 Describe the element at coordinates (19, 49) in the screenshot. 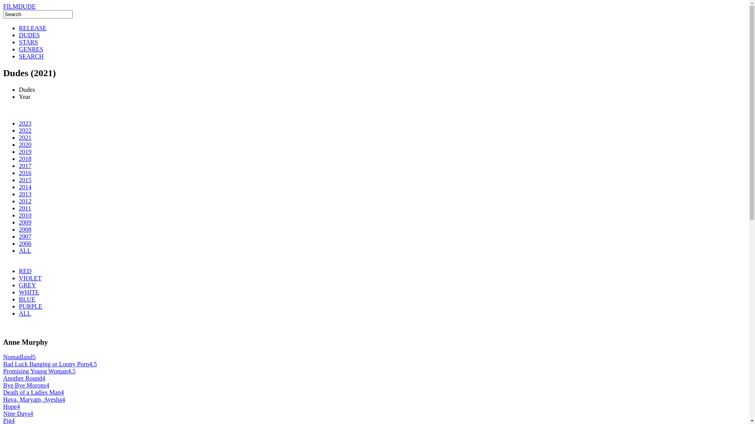

I see `'GENRES'` at that location.